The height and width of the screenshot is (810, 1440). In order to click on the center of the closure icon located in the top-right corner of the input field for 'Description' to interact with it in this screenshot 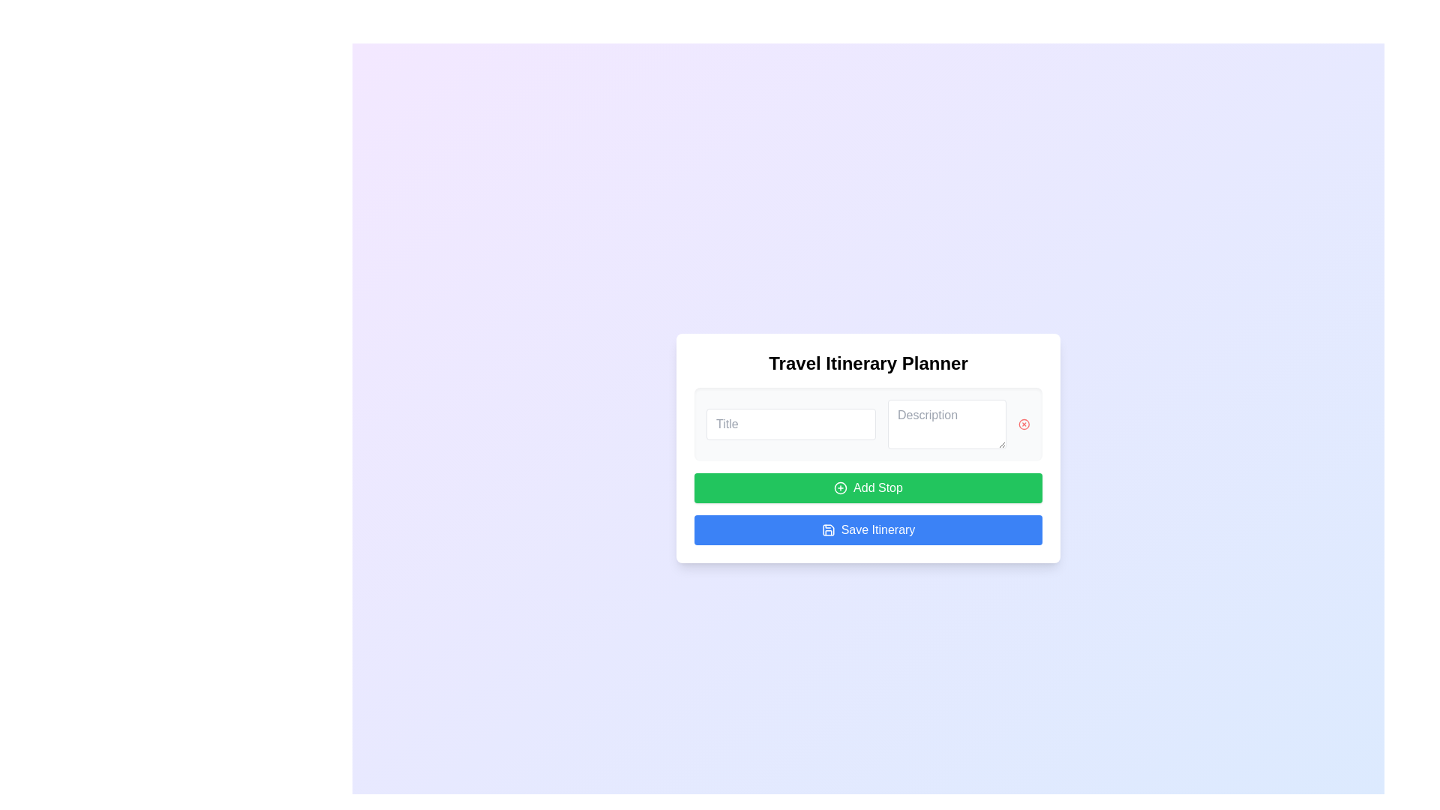, I will do `click(1024, 424)`.